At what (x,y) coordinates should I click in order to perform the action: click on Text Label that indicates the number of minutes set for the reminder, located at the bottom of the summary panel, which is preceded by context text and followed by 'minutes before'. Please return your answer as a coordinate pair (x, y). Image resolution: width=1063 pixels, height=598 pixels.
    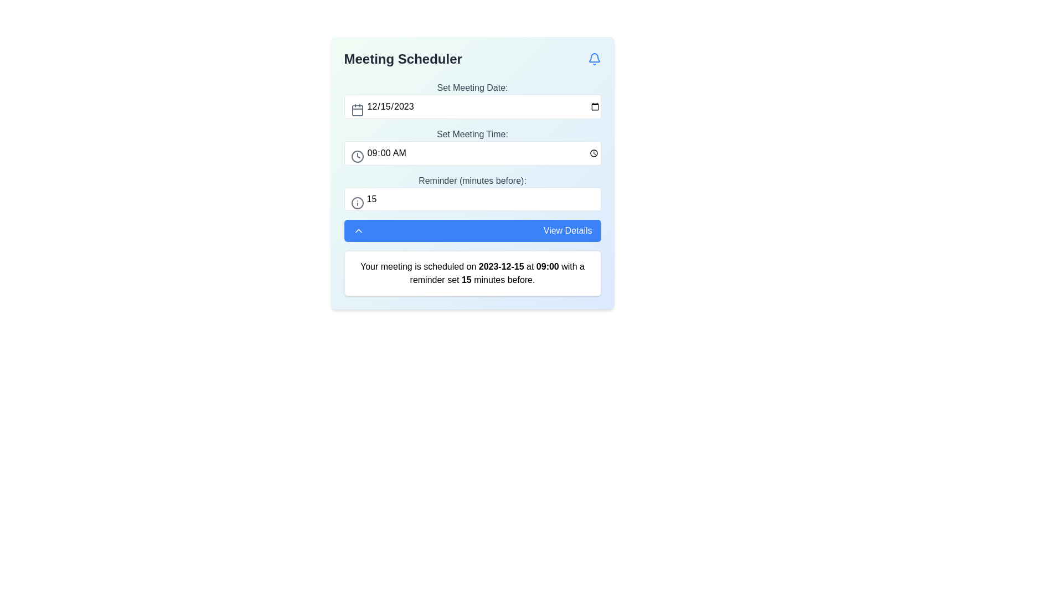
    Looking at the image, I should click on (466, 279).